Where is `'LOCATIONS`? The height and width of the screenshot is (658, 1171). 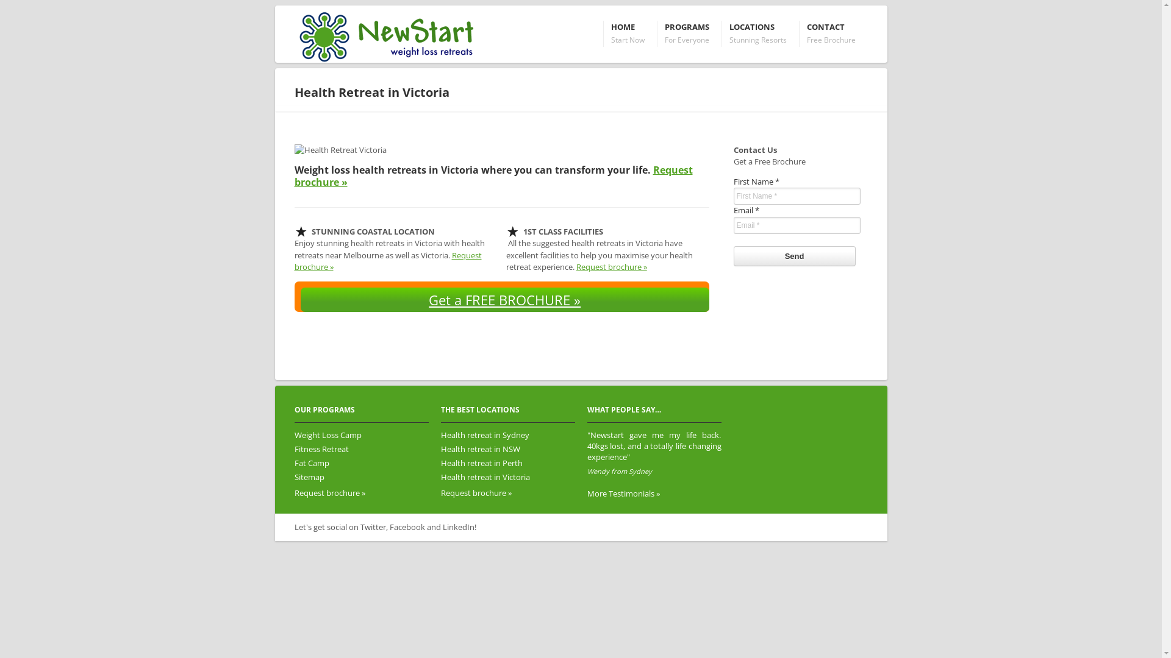 'LOCATIONS is located at coordinates (757, 33).